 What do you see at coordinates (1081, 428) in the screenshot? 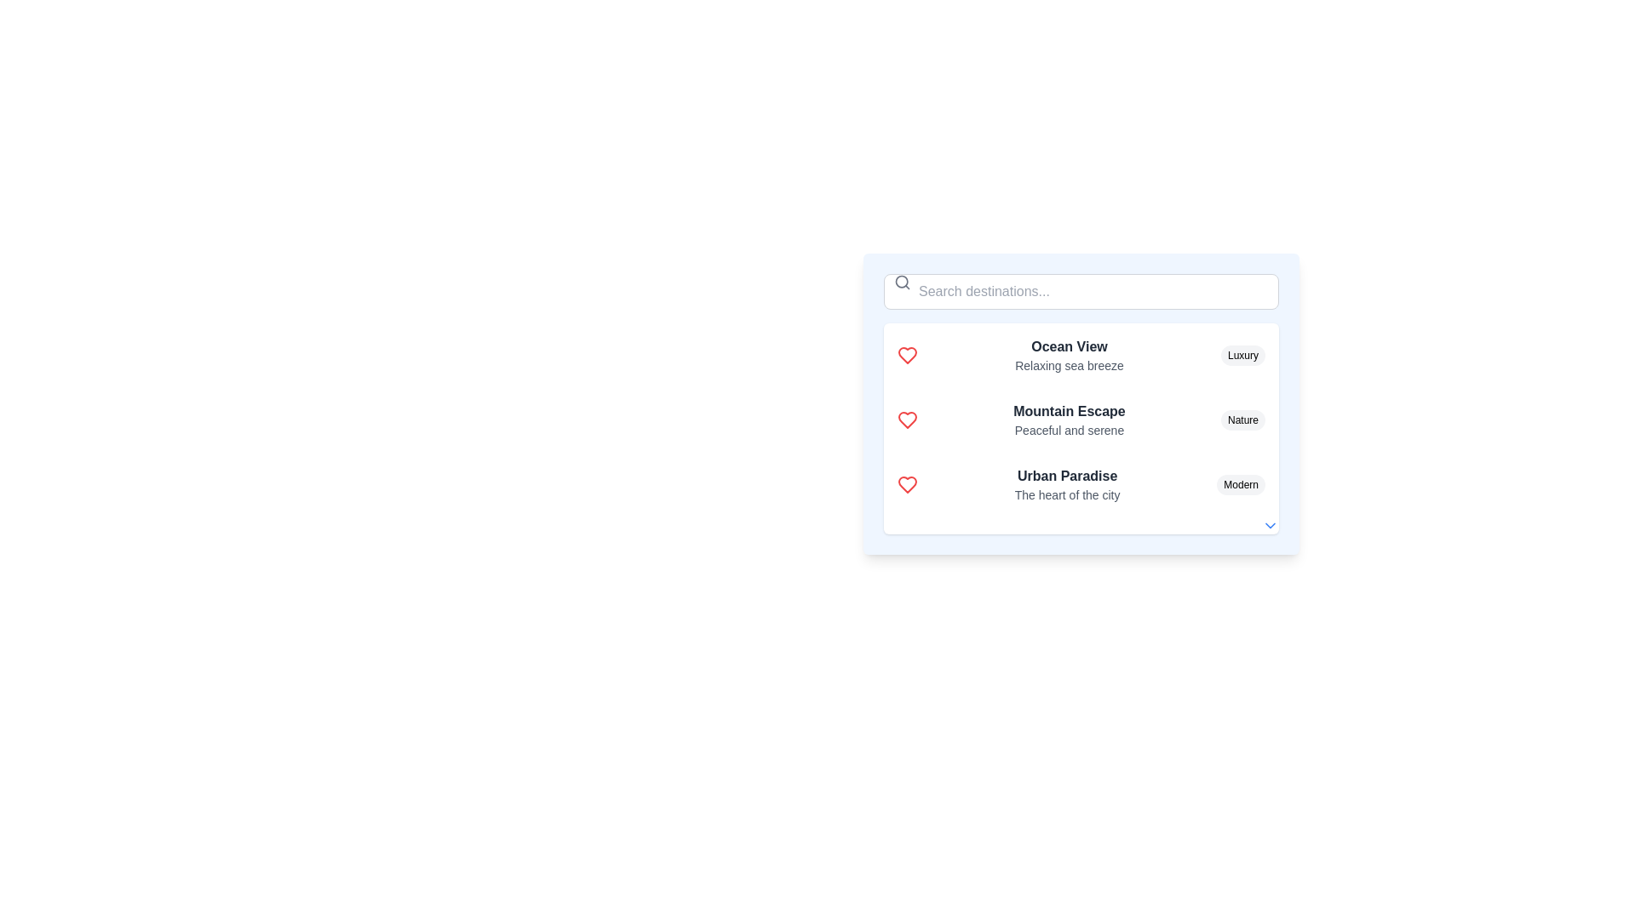
I see `the second list item displaying details about a specific theme or location, which includes a bold title, a description, and a badge-like detail to the right` at bounding box center [1081, 428].